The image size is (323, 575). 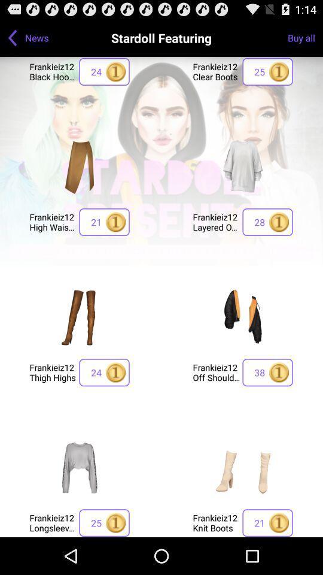 I want to click on the item next to 21 icon, so click(x=215, y=221).